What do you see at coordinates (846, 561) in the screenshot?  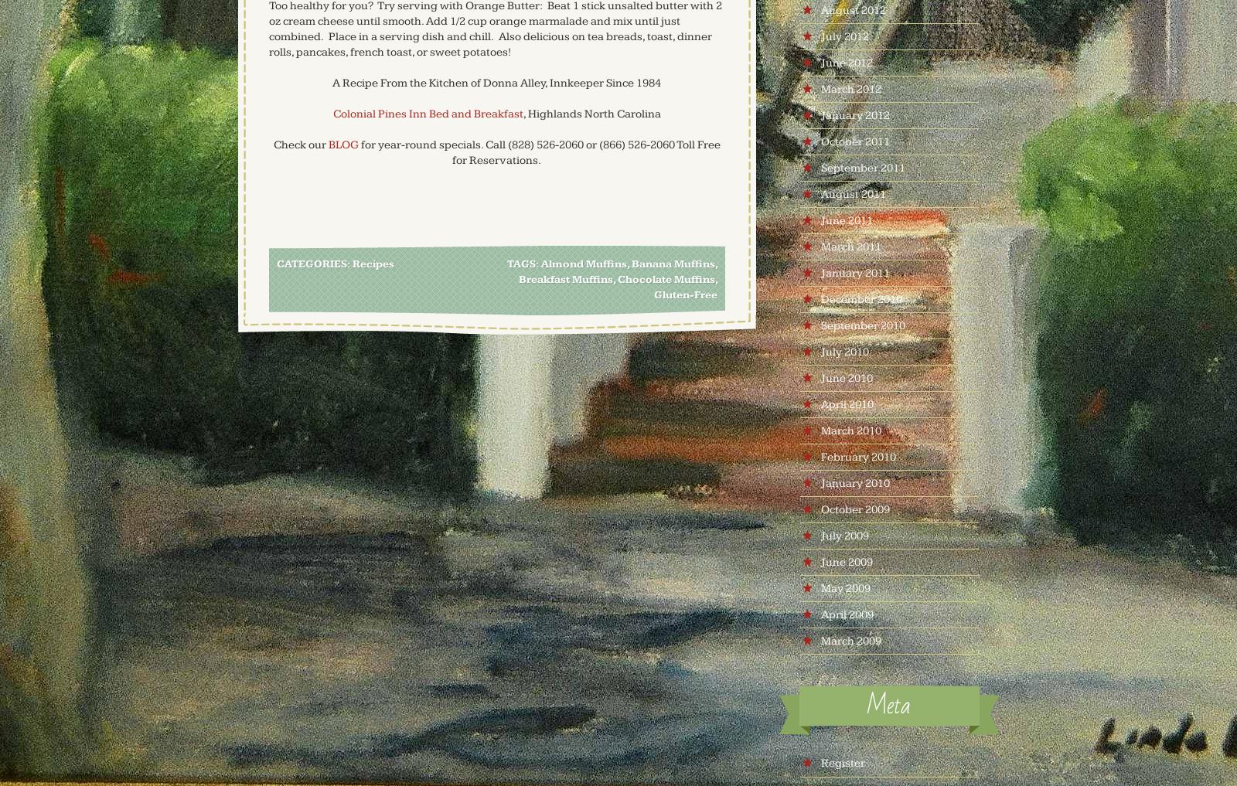 I see `'June 2009'` at bounding box center [846, 561].